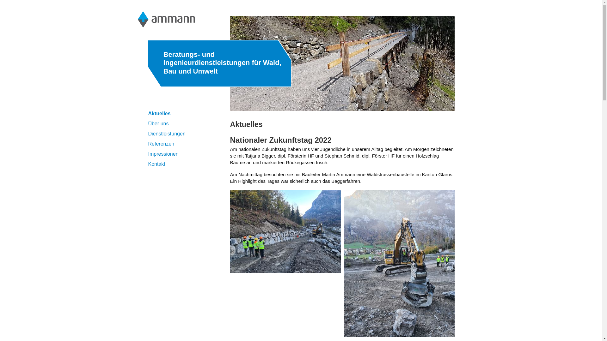 This screenshot has width=607, height=341. Describe the element at coordinates (147, 154) in the screenshot. I see `'Impressionen'` at that location.